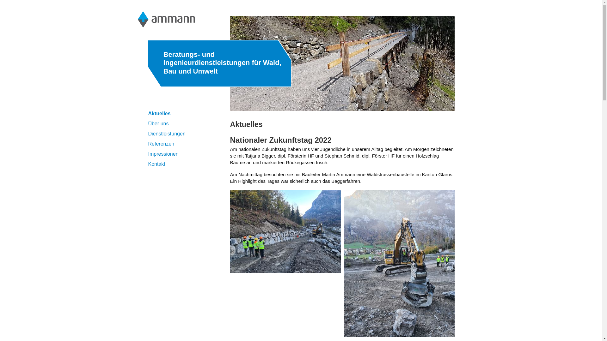 This screenshot has width=607, height=341. Describe the element at coordinates (147, 154) in the screenshot. I see `'Impressionen'` at that location.